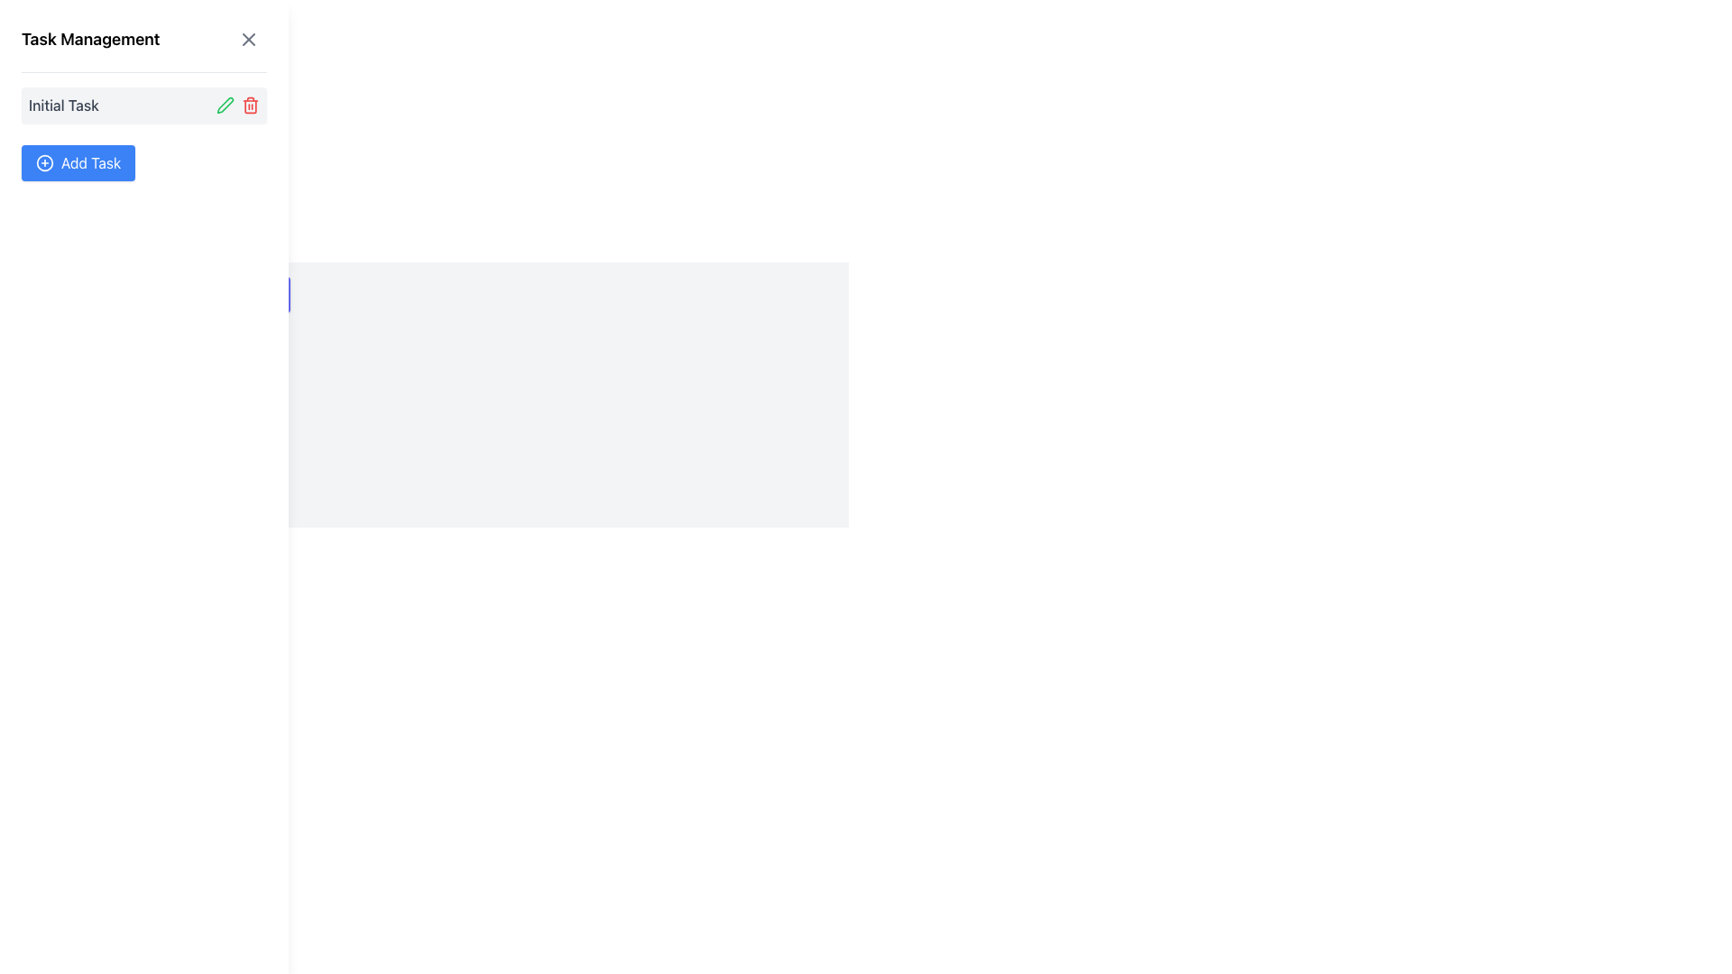 This screenshot has height=974, width=1732. What do you see at coordinates (247, 39) in the screenshot?
I see `the close button located at the top-right corner of the 'Task Management' section to possibly reveal additional information` at bounding box center [247, 39].